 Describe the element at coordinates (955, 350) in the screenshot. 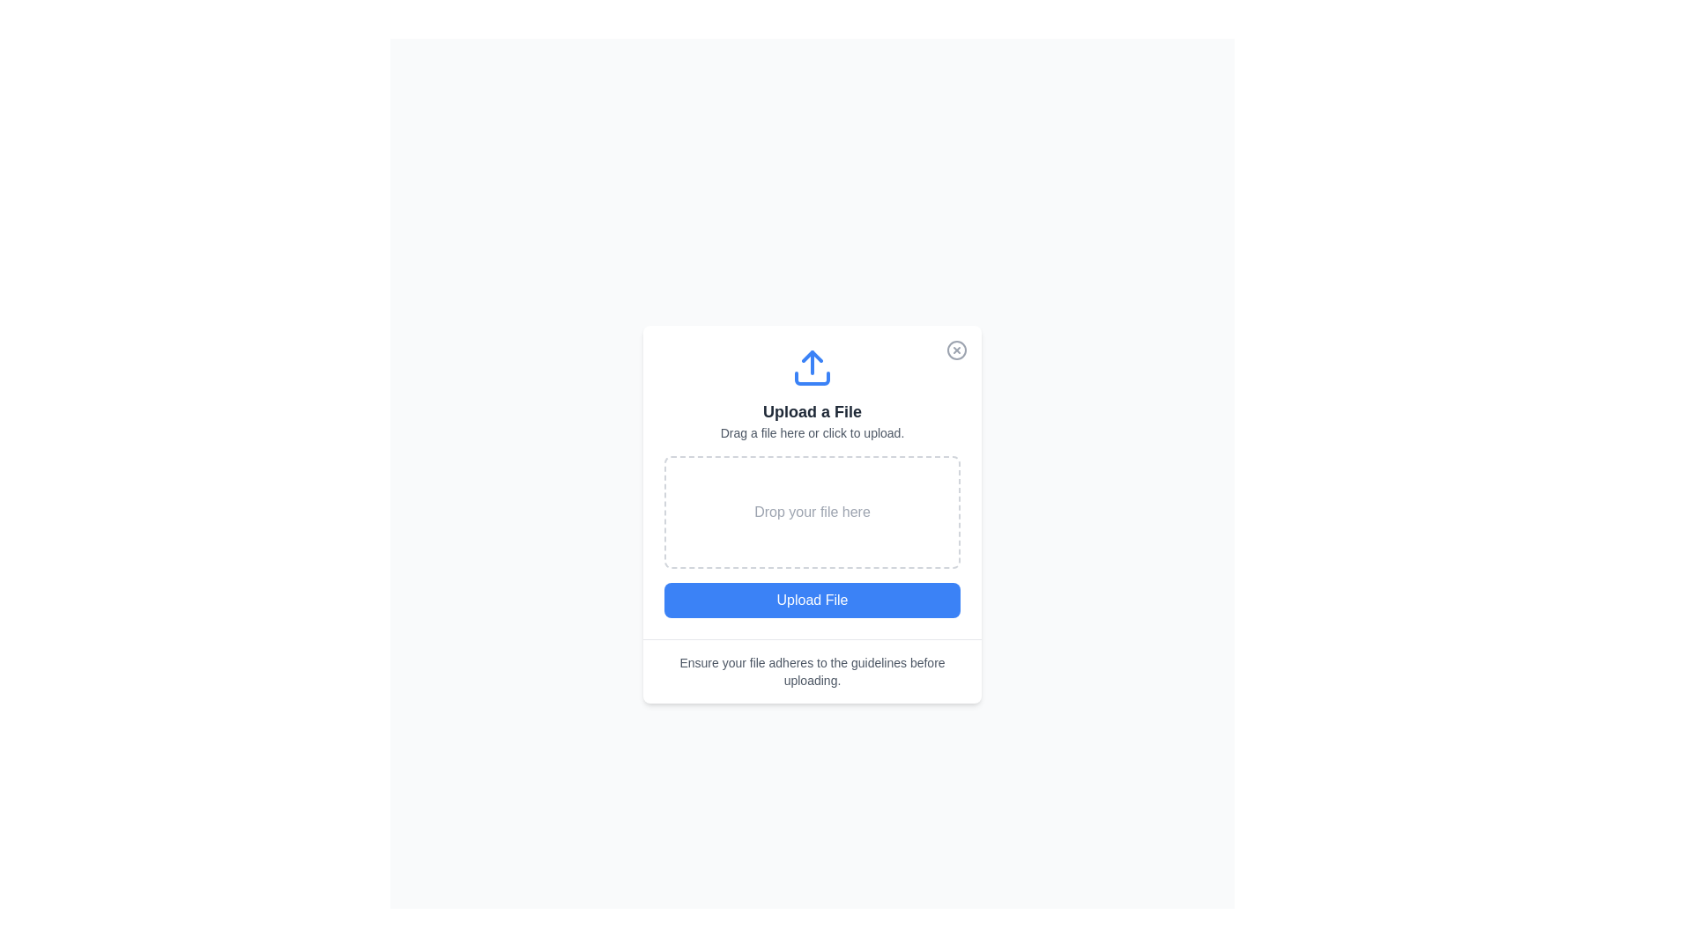

I see `the close button located in the top-right corner of the modal` at that location.